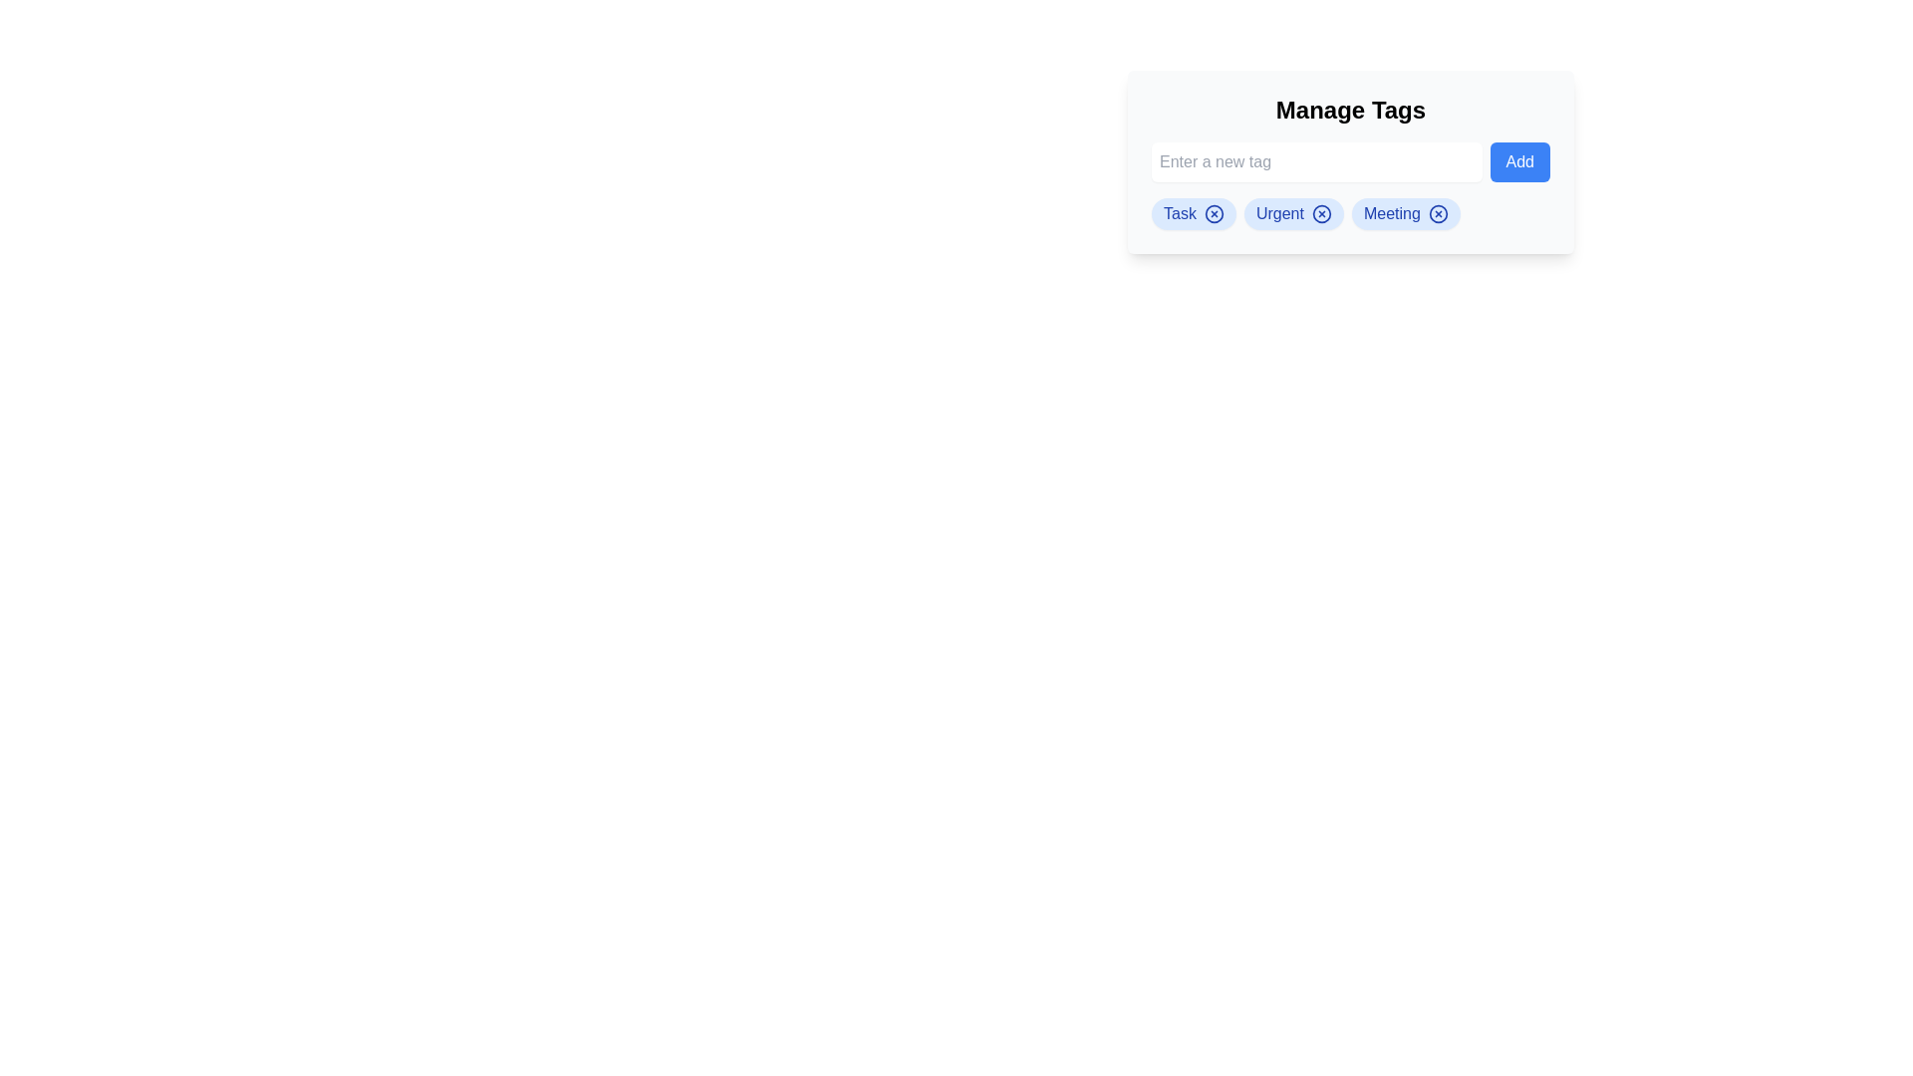  I want to click on the circular icon with a blue outlined cross inside, positioned to the right of the text label 'Task', so click(1213, 214).